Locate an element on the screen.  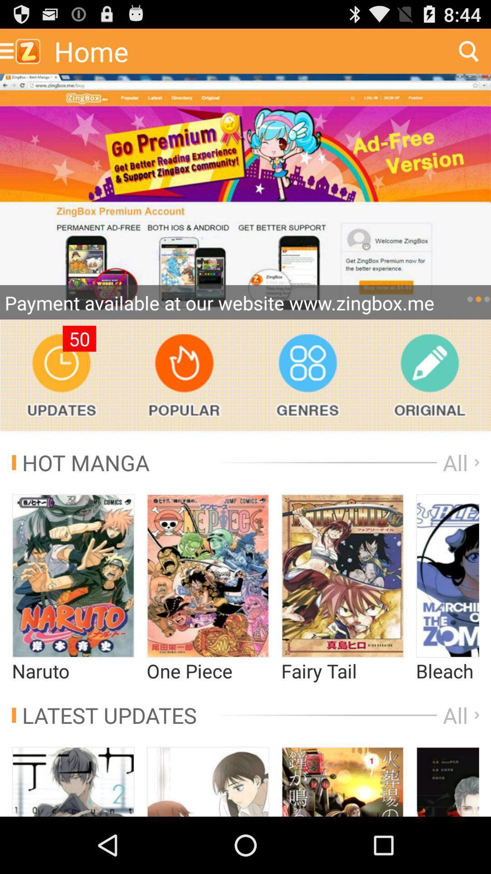
the avatar icon is located at coordinates (208, 836).